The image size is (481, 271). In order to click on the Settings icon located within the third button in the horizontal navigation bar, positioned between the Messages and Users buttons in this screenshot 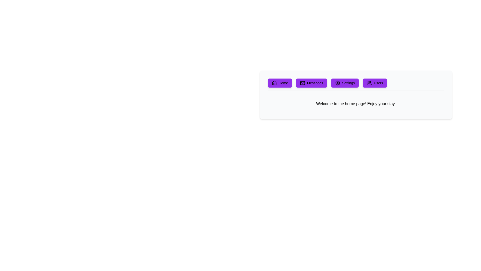, I will do `click(337, 83)`.